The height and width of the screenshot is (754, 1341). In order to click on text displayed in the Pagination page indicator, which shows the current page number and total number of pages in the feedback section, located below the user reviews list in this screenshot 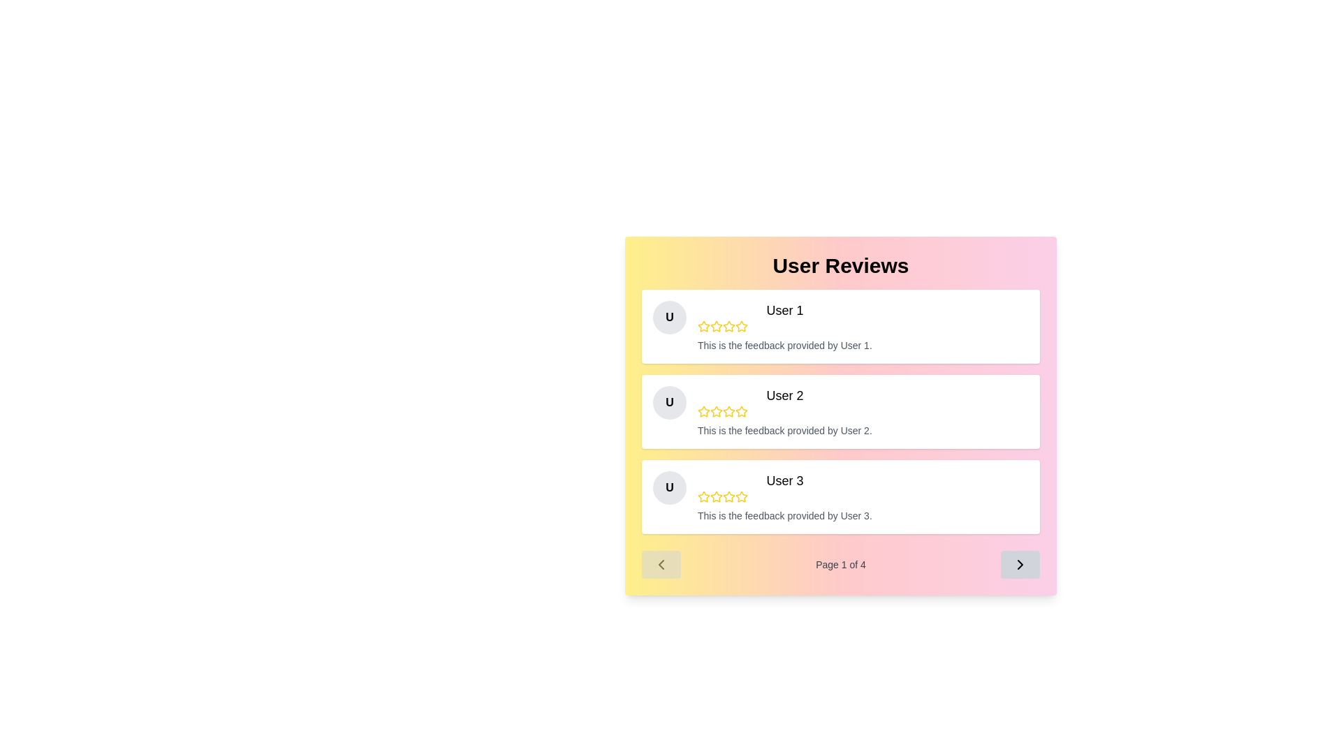, I will do `click(840, 564)`.